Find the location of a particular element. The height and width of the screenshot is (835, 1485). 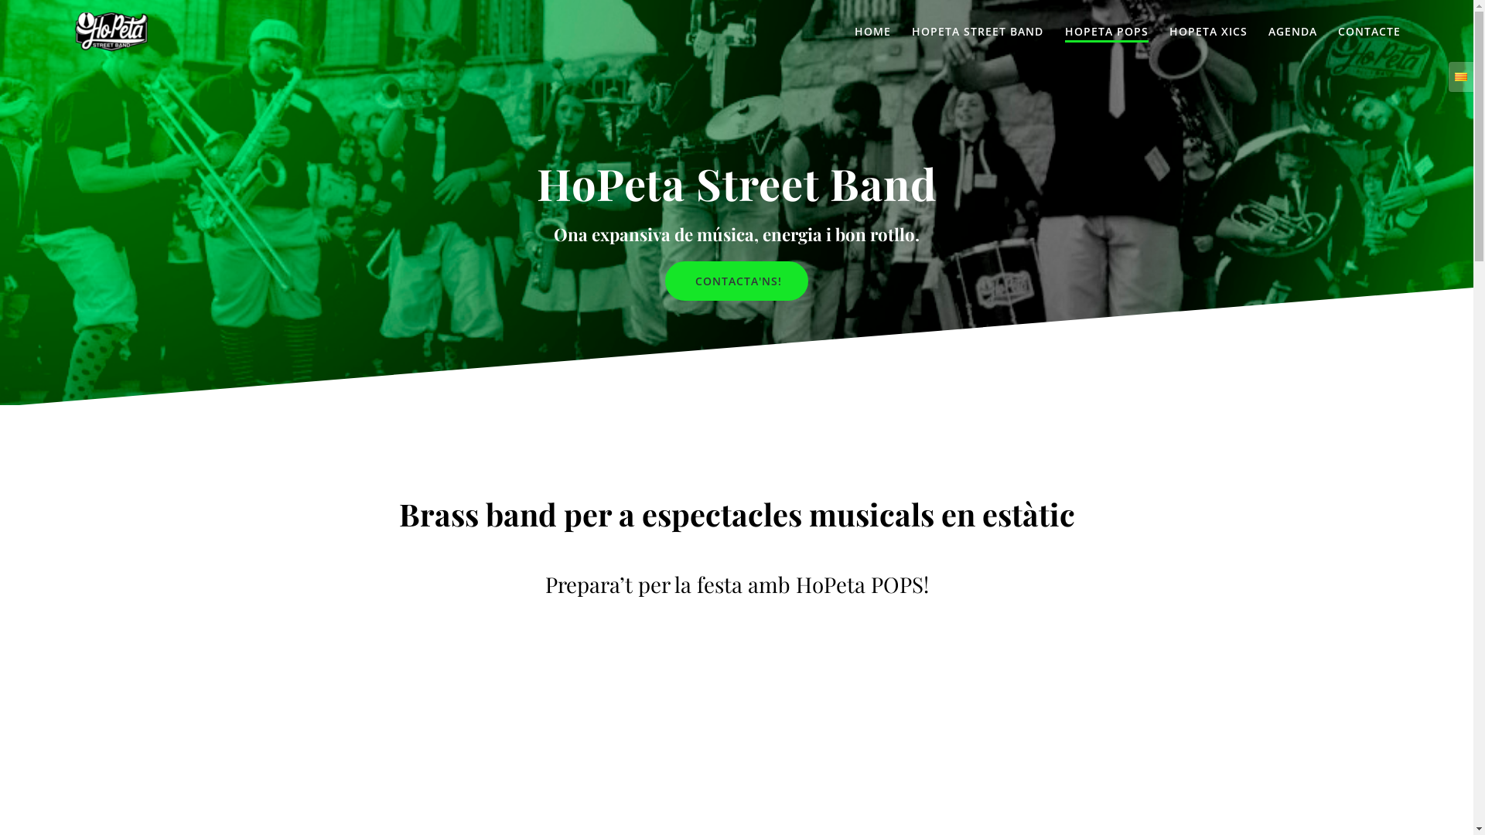

'CONTACTE' is located at coordinates (1369, 32).